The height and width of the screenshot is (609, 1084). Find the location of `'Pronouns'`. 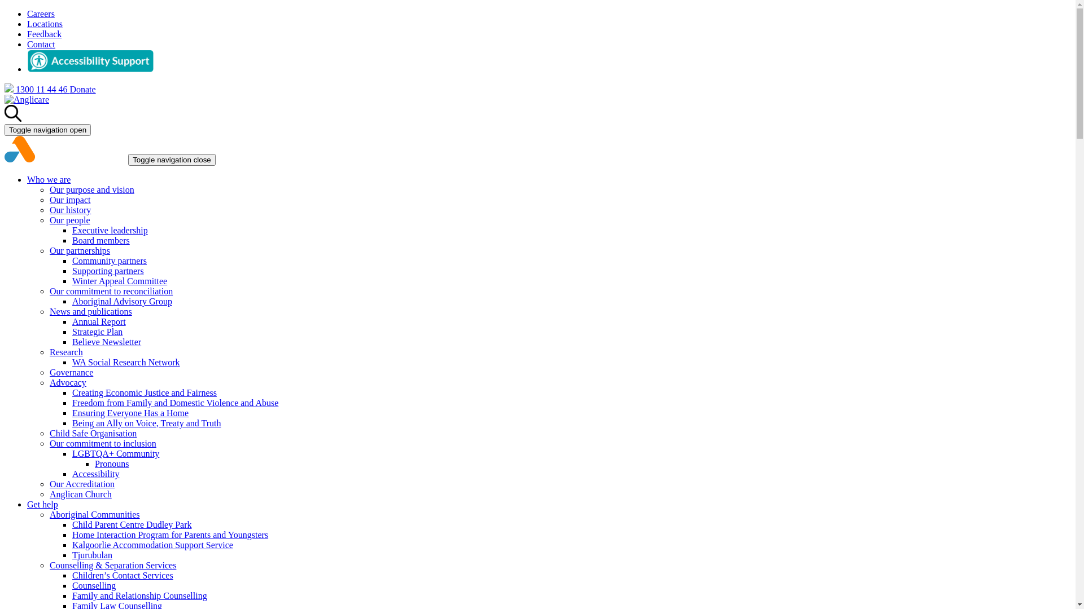

'Pronouns' is located at coordinates (111, 464).